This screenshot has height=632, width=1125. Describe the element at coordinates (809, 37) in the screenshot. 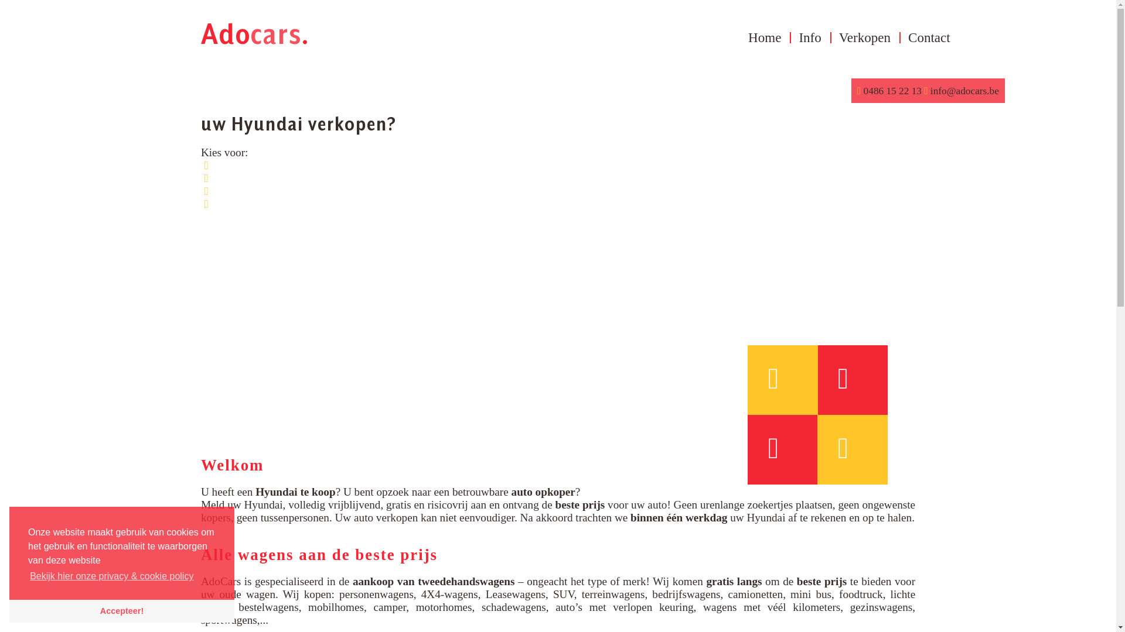

I see `'Info'` at that location.